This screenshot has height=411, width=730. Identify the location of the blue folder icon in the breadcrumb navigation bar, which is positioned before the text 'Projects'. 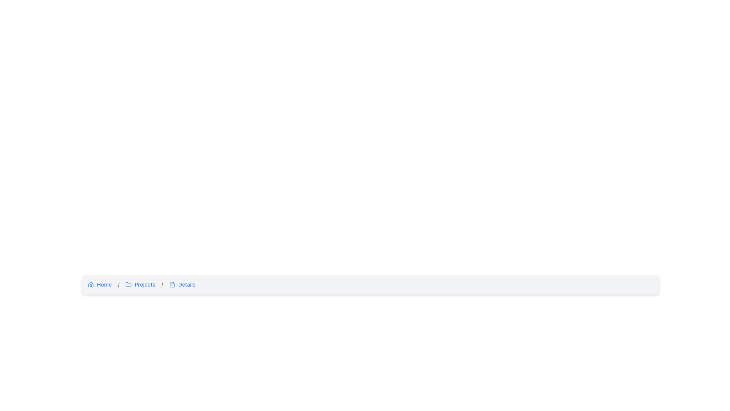
(129, 285).